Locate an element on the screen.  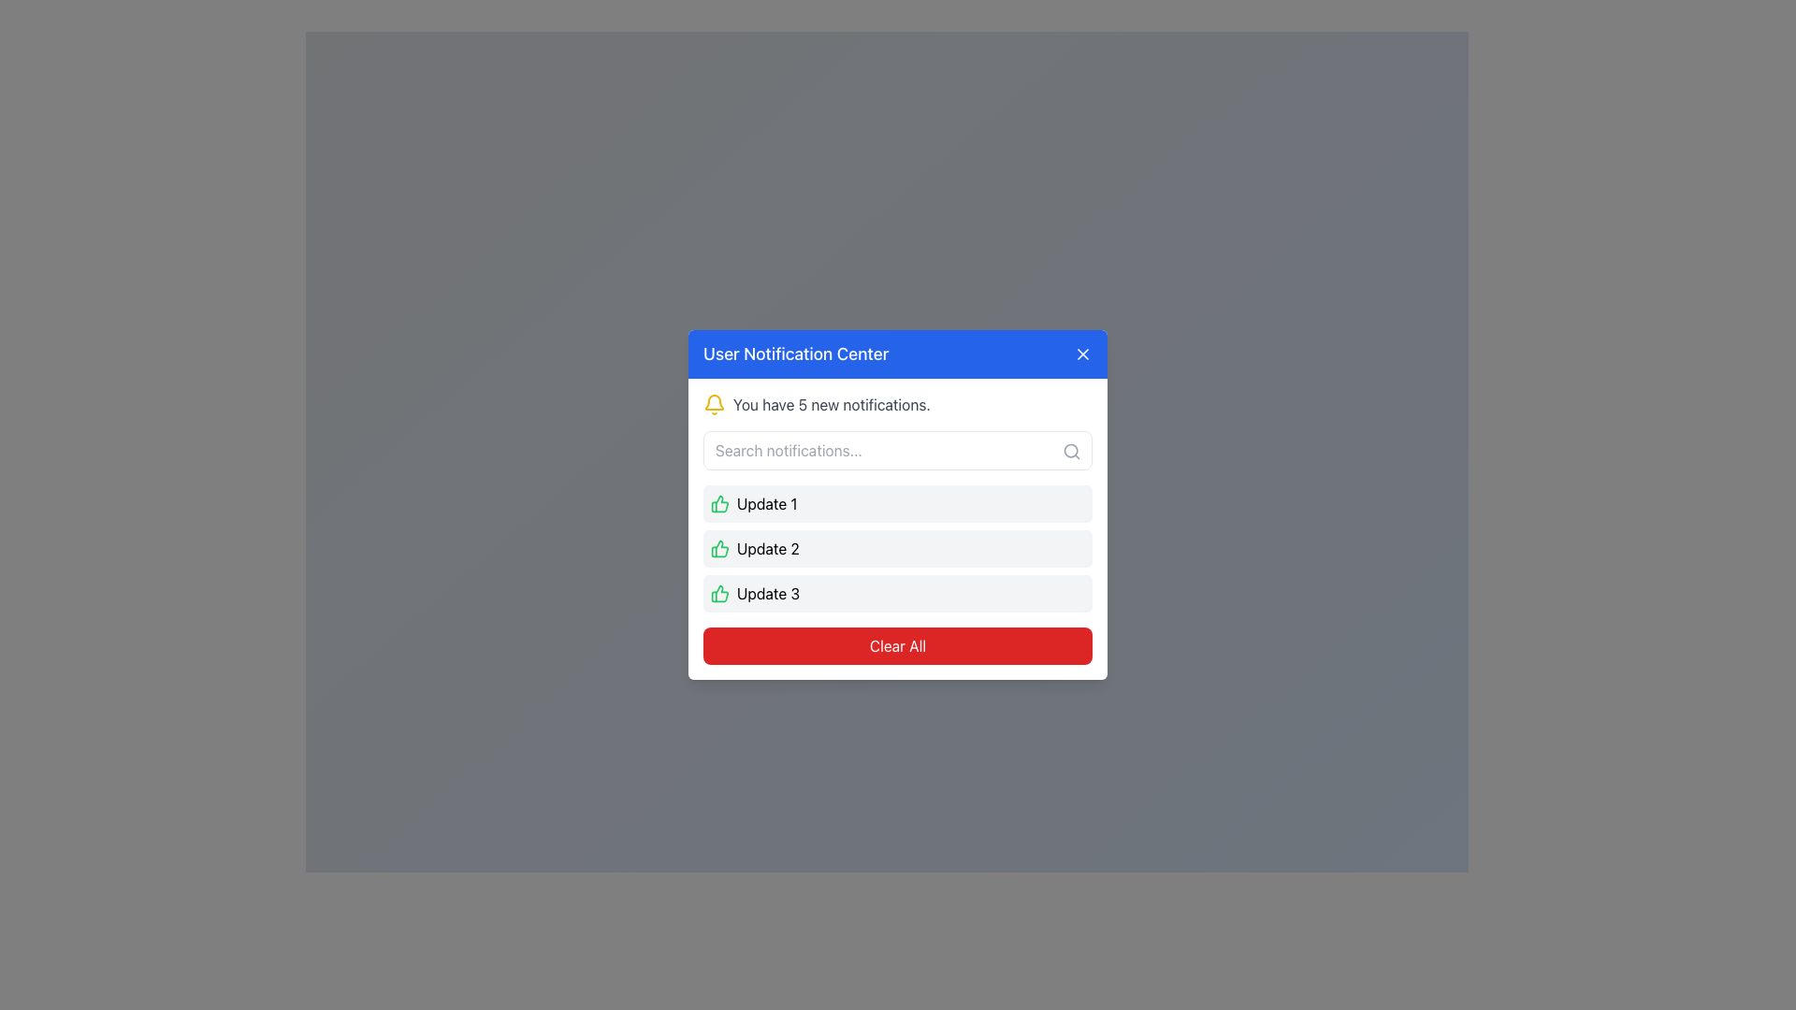
the bell-shaped yellow notification icon located at the top-left portion of the notification panel, adjacent to the text 'You have 5 new notifications.' is located at coordinates (713, 403).